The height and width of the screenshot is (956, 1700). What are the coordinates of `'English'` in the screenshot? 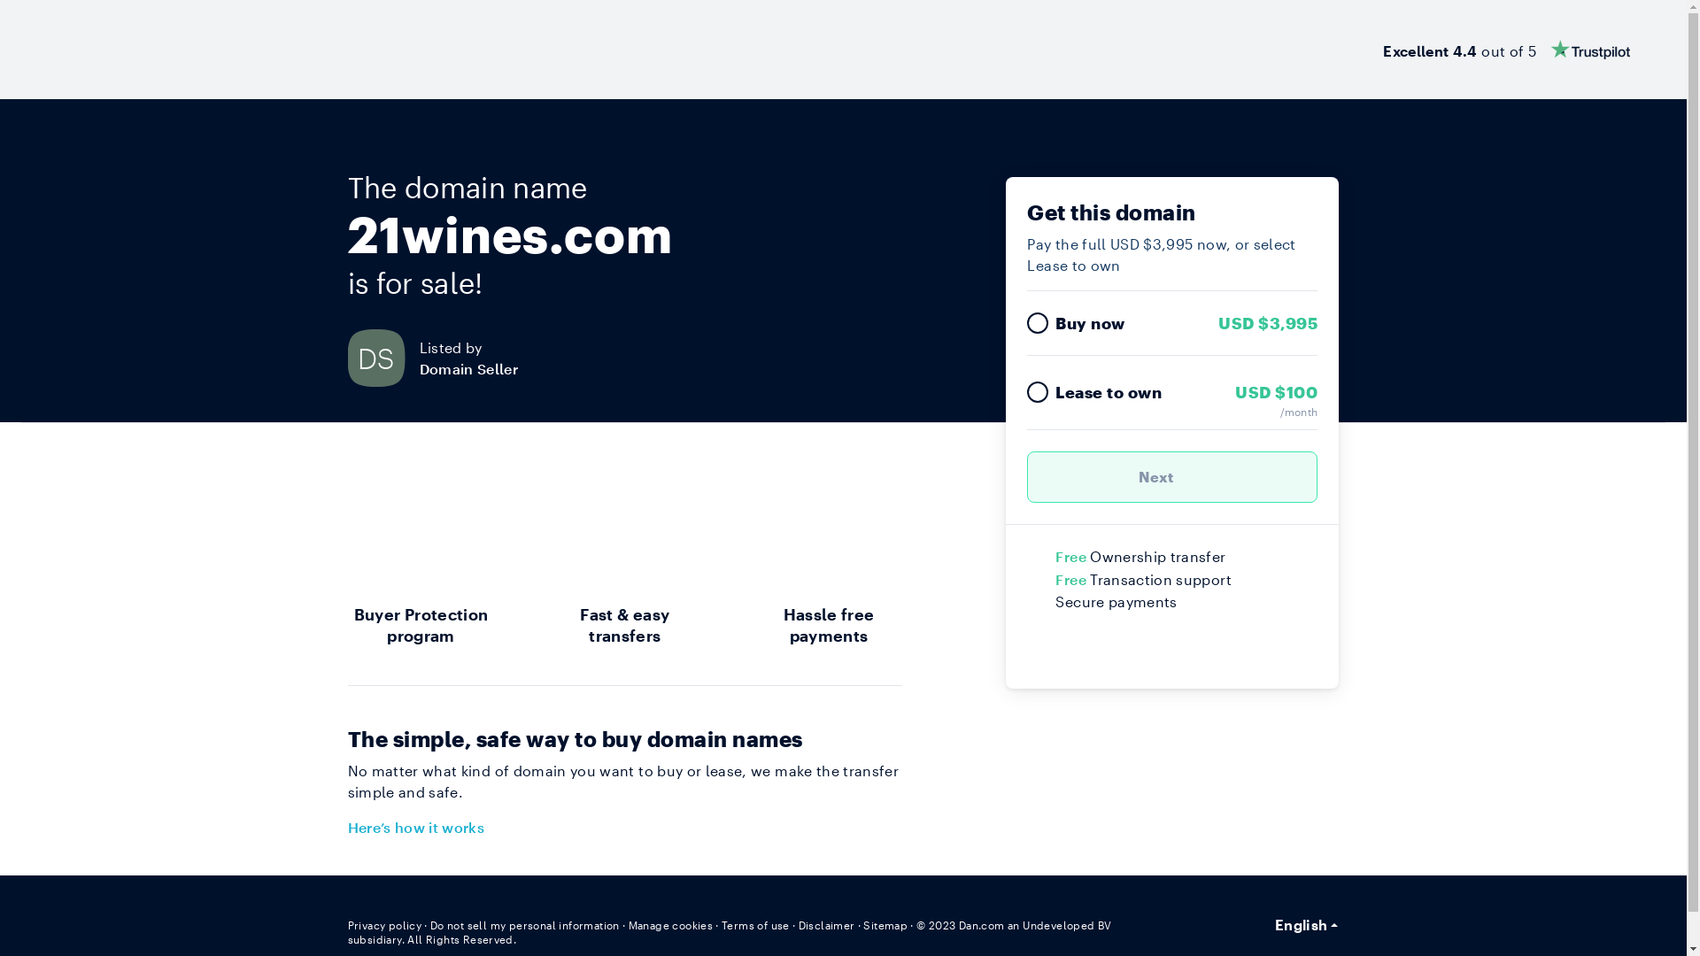 It's located at (1273, 924).